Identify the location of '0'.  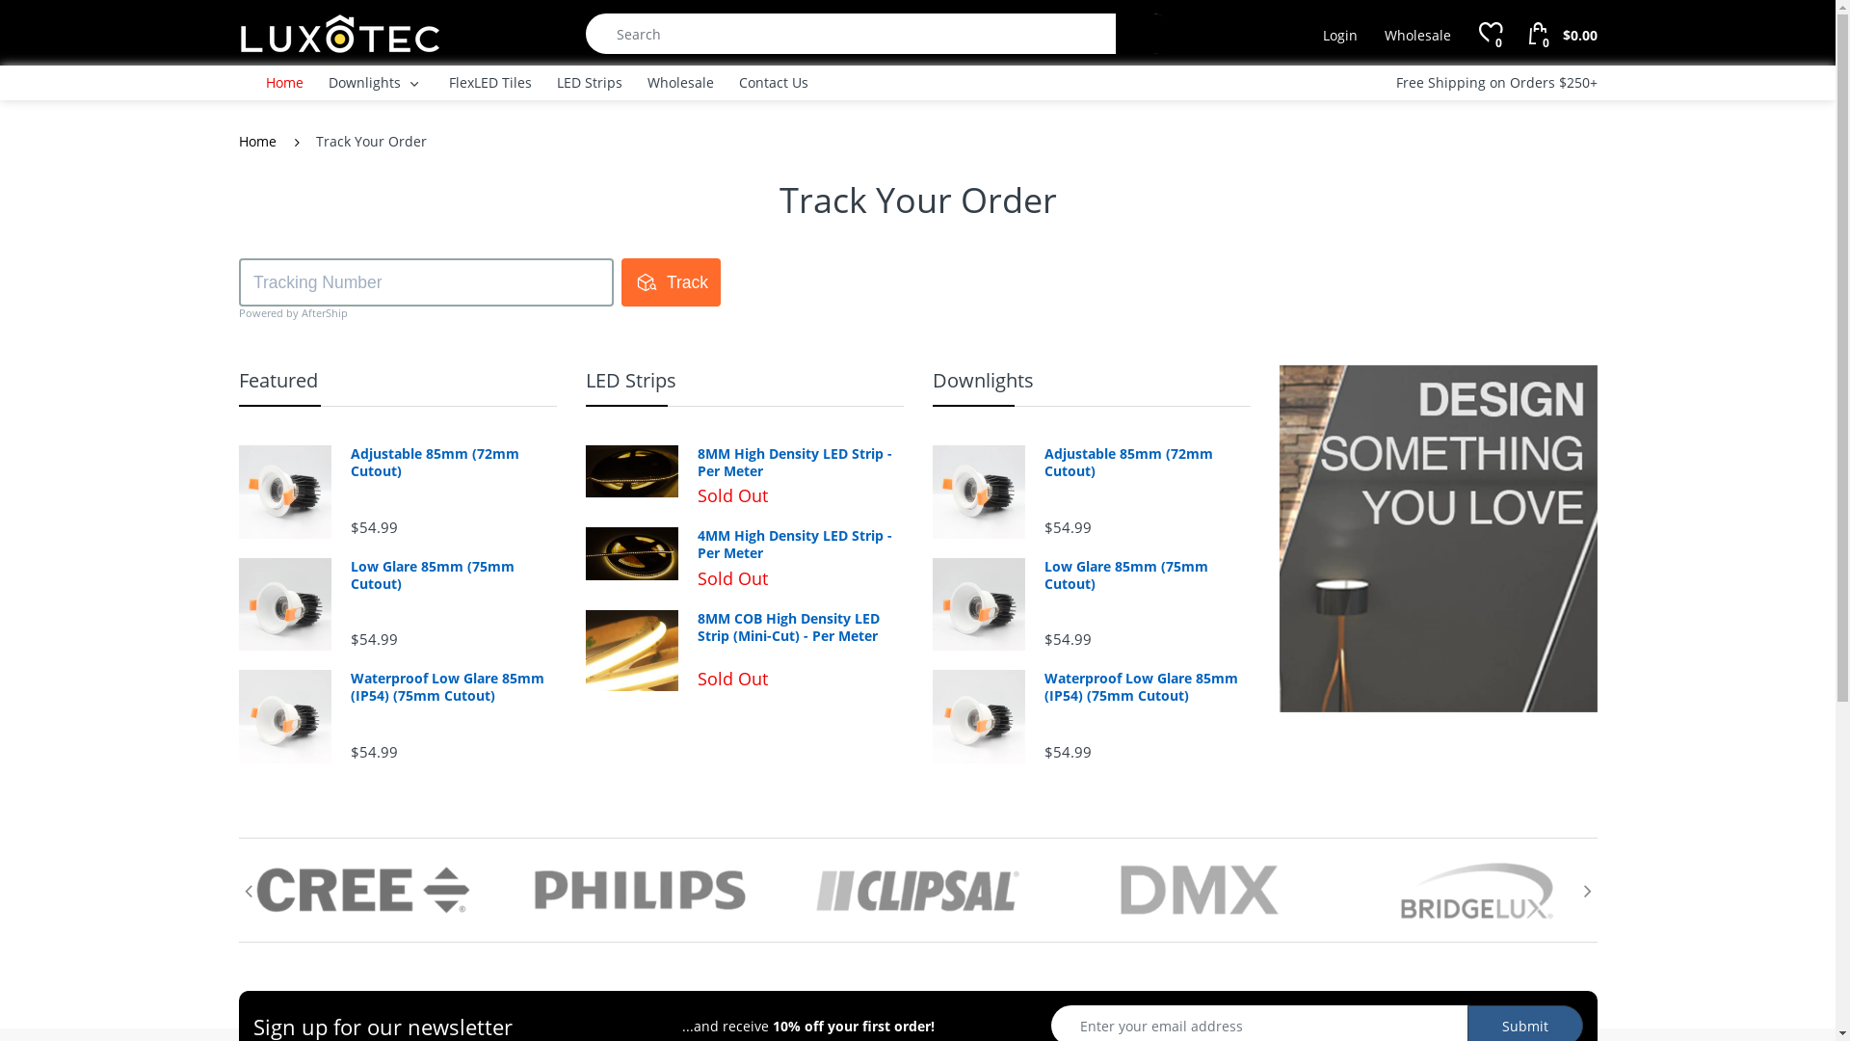
(1488, 33).